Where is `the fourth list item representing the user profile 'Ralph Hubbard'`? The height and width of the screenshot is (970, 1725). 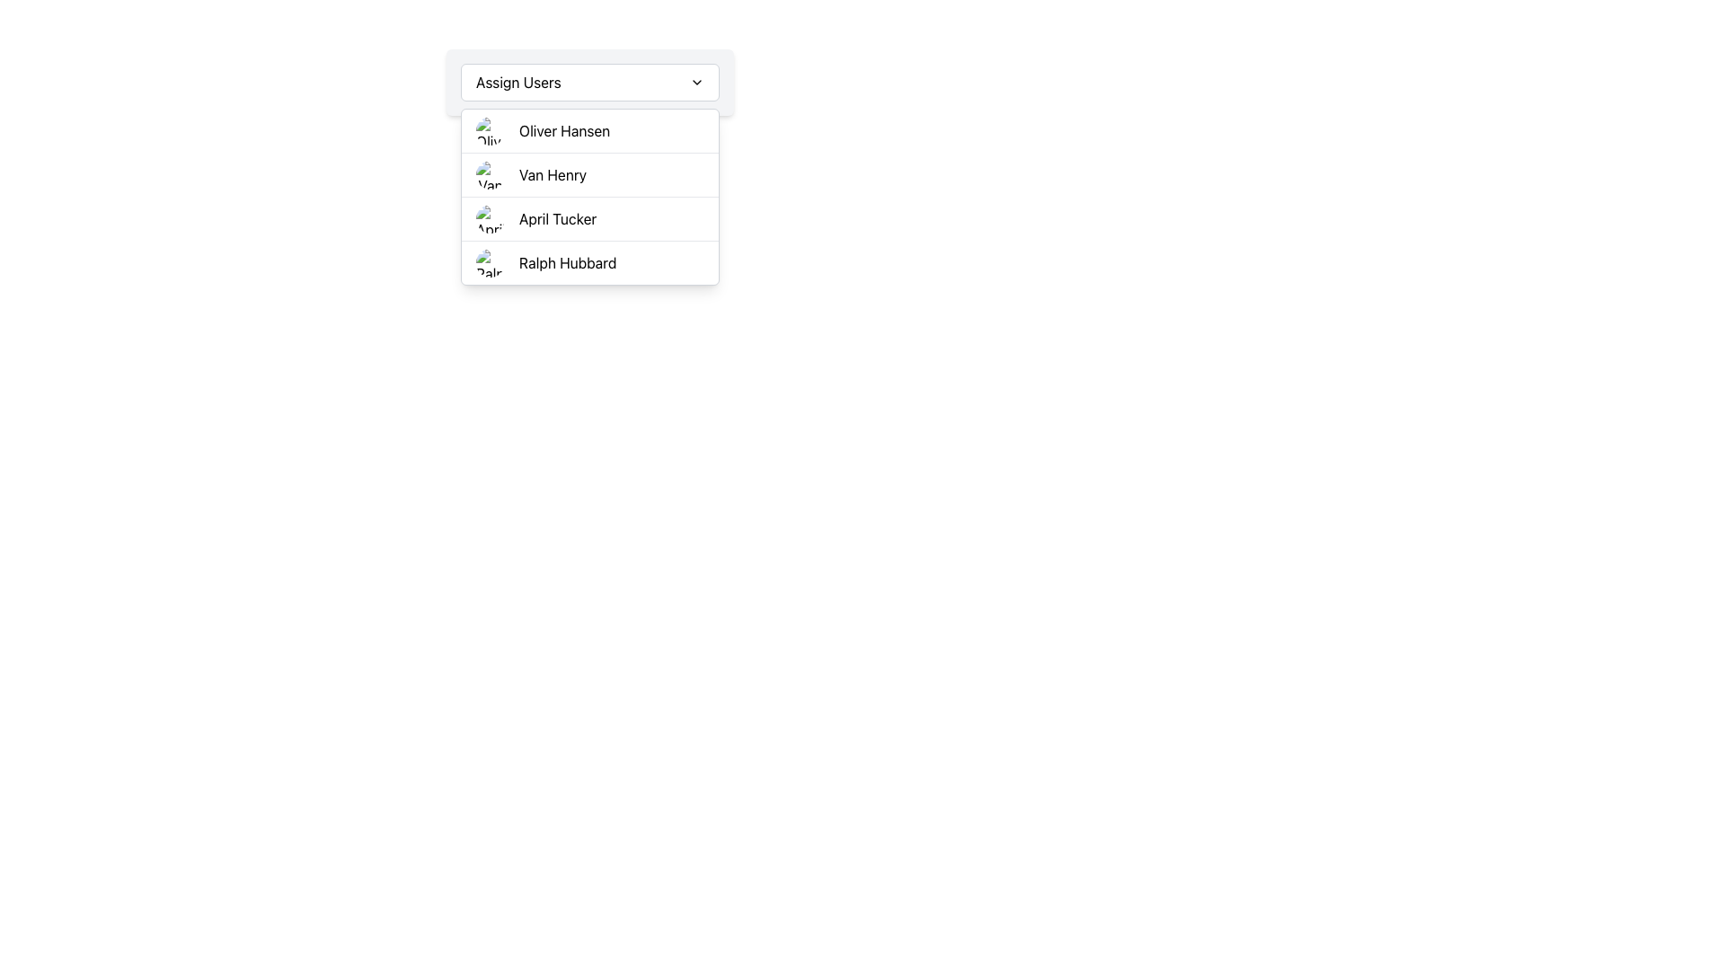
the fourth list item representing the user profile 'Ralph Hubbard' is located at coordinates (590, 262).